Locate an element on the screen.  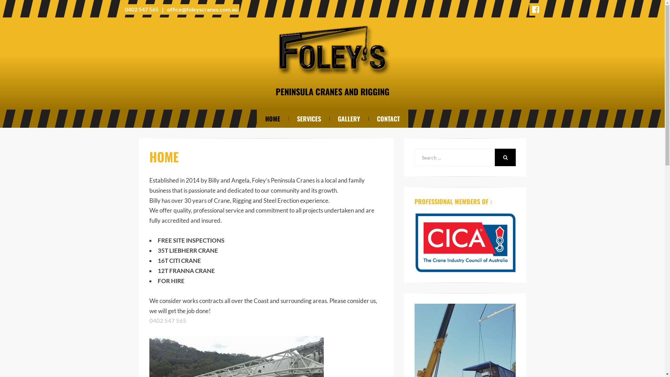
'HOME' is located at coordinates (272, 118).